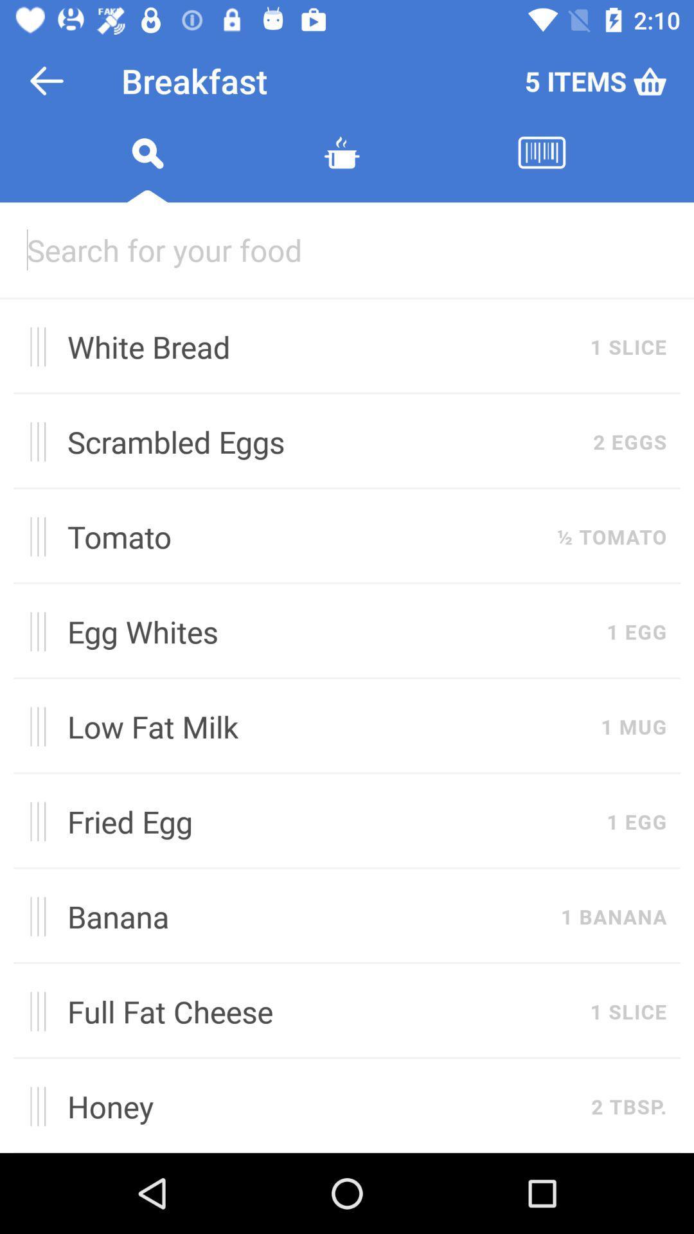 The height and width of the screenshot is (1234, 694). Describe the element at coordinates (629, 442) in the screenshot. I see `item next to scrambled eggs item` at that location.